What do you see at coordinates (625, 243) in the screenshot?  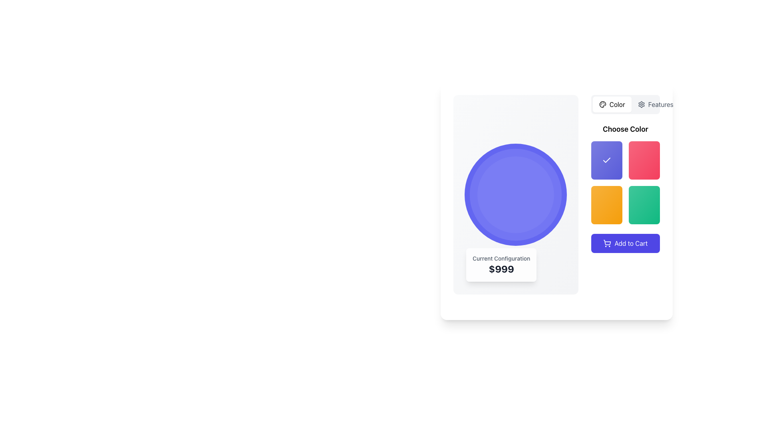 I see `the 'Add to Cart' button located in the bottom-right section of the interactive panel` at bounding box center [625, 243].